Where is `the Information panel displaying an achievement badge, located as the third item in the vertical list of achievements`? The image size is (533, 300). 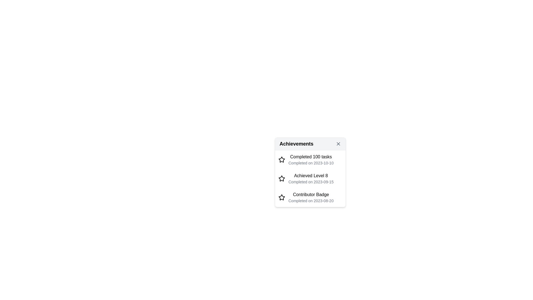
the Information panel displaying an achievement badge, located as the third item in the vertical list of achievements is located at coordinates (311, 197).